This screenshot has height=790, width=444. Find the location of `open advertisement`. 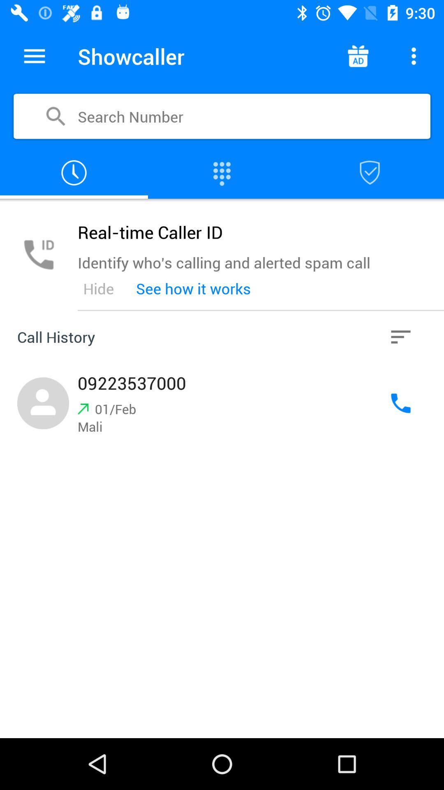

open advertisement is located at coordinates (357, 56).